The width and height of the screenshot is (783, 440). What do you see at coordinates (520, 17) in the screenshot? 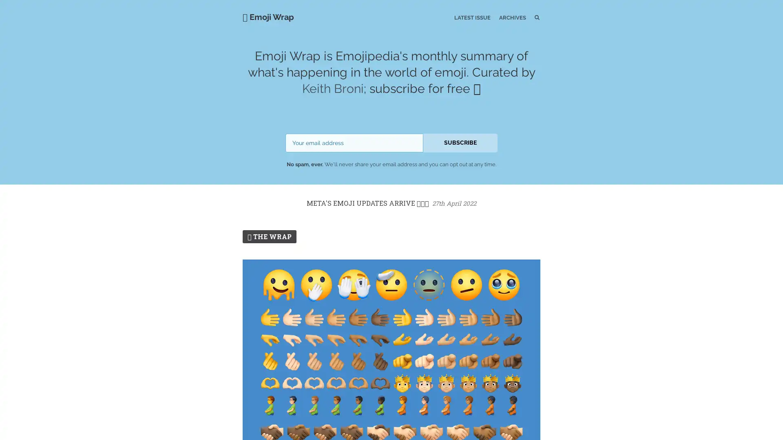
I see `SEARCH` at bounding box center [520, 17].